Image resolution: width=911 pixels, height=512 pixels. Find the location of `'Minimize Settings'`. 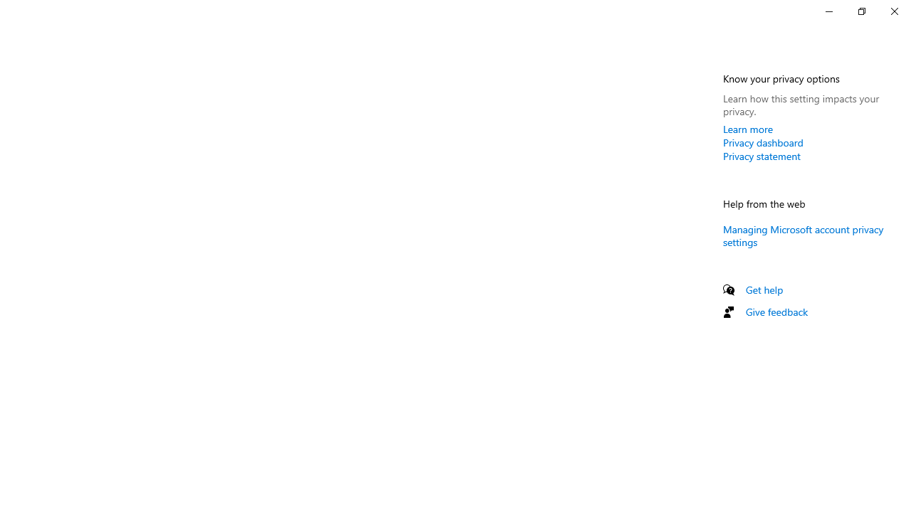

'Minimize Settings' is located at coordinates (828, 11).